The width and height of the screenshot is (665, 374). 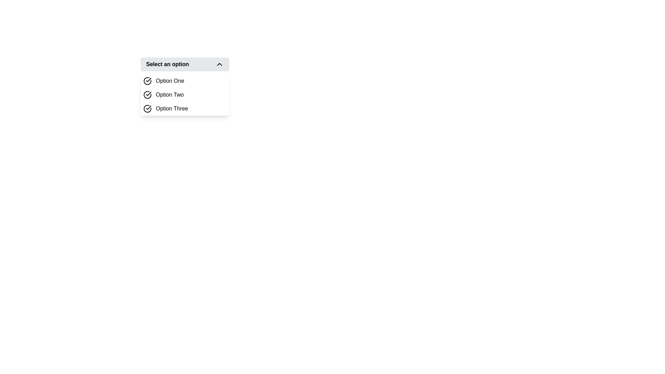 What do you see at coordinates (219, 64) in the screenshot?
I see `the arrow icon at the right end of the 'Select an option' button` at bounding box center [219, 64].